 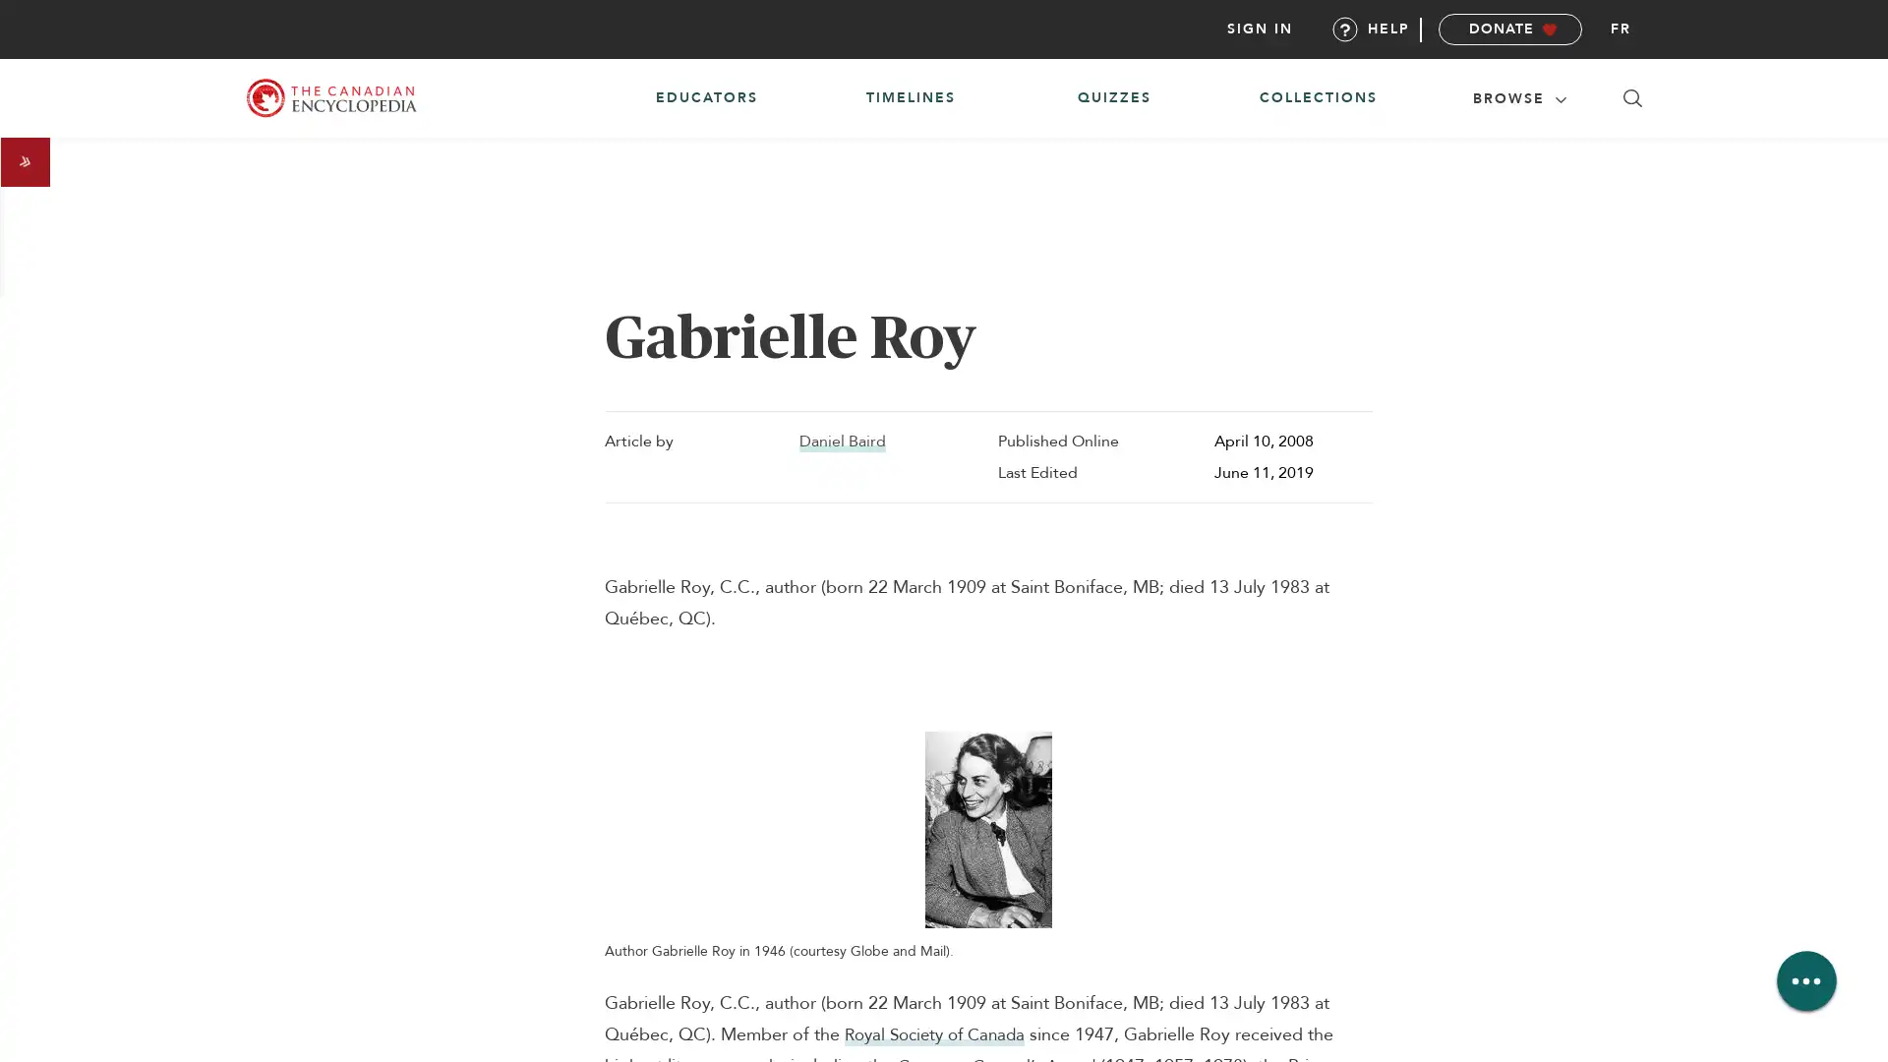 What do you see at coordinates (1632, 98) in the screenshot?
I see `Search in Canadian Encyclopedia` at bounding box center [1632, 98].